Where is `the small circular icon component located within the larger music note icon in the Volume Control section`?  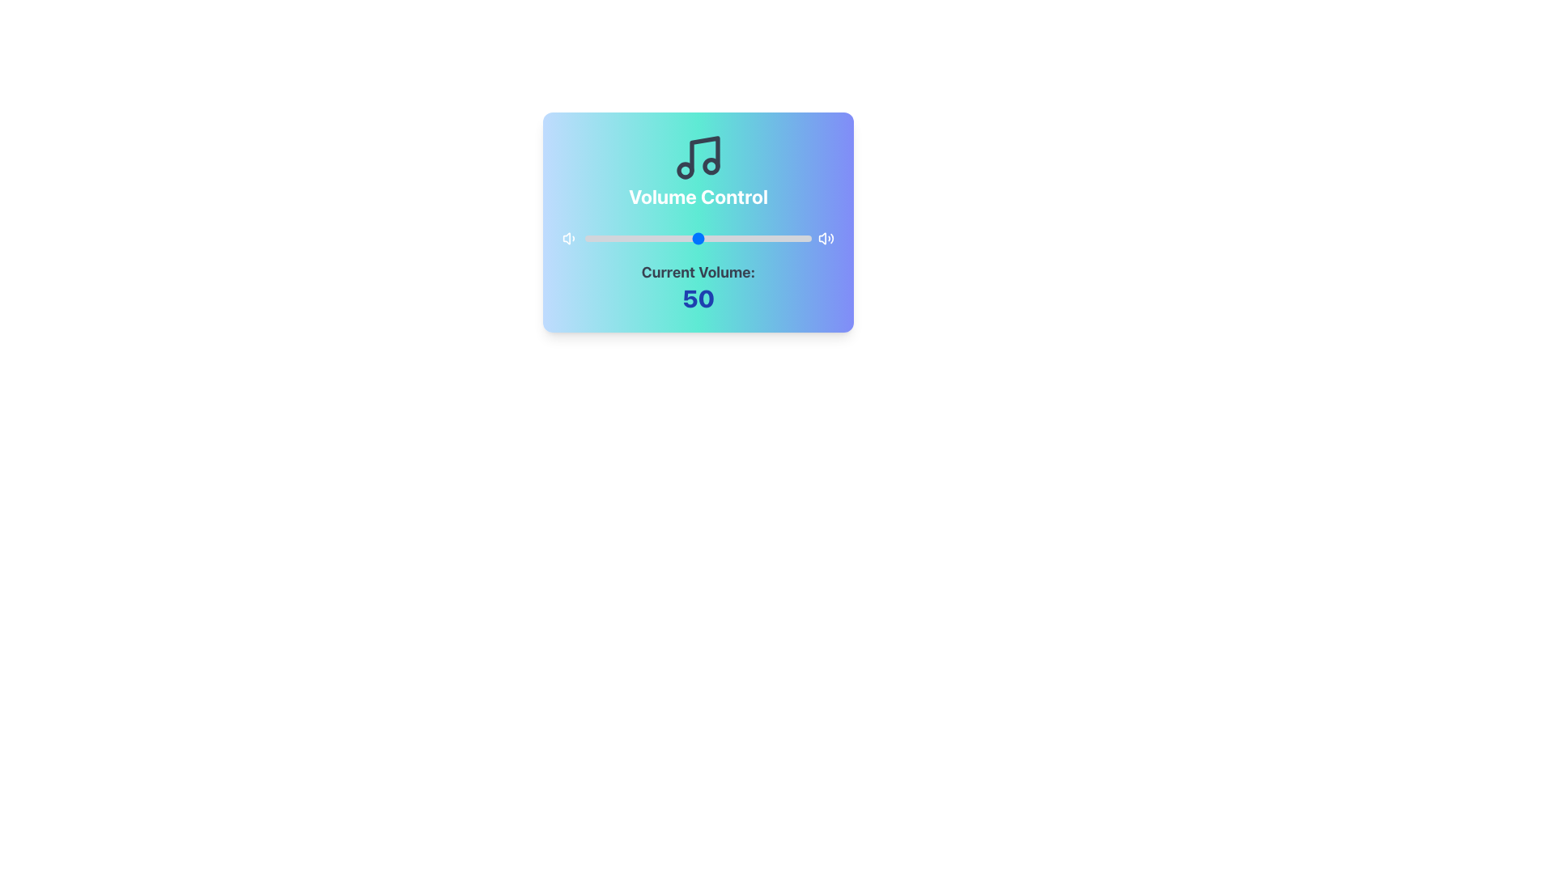 the small circular icon component located within the larger music note icon in the Volume Control section is located at coordinates (685, 171).